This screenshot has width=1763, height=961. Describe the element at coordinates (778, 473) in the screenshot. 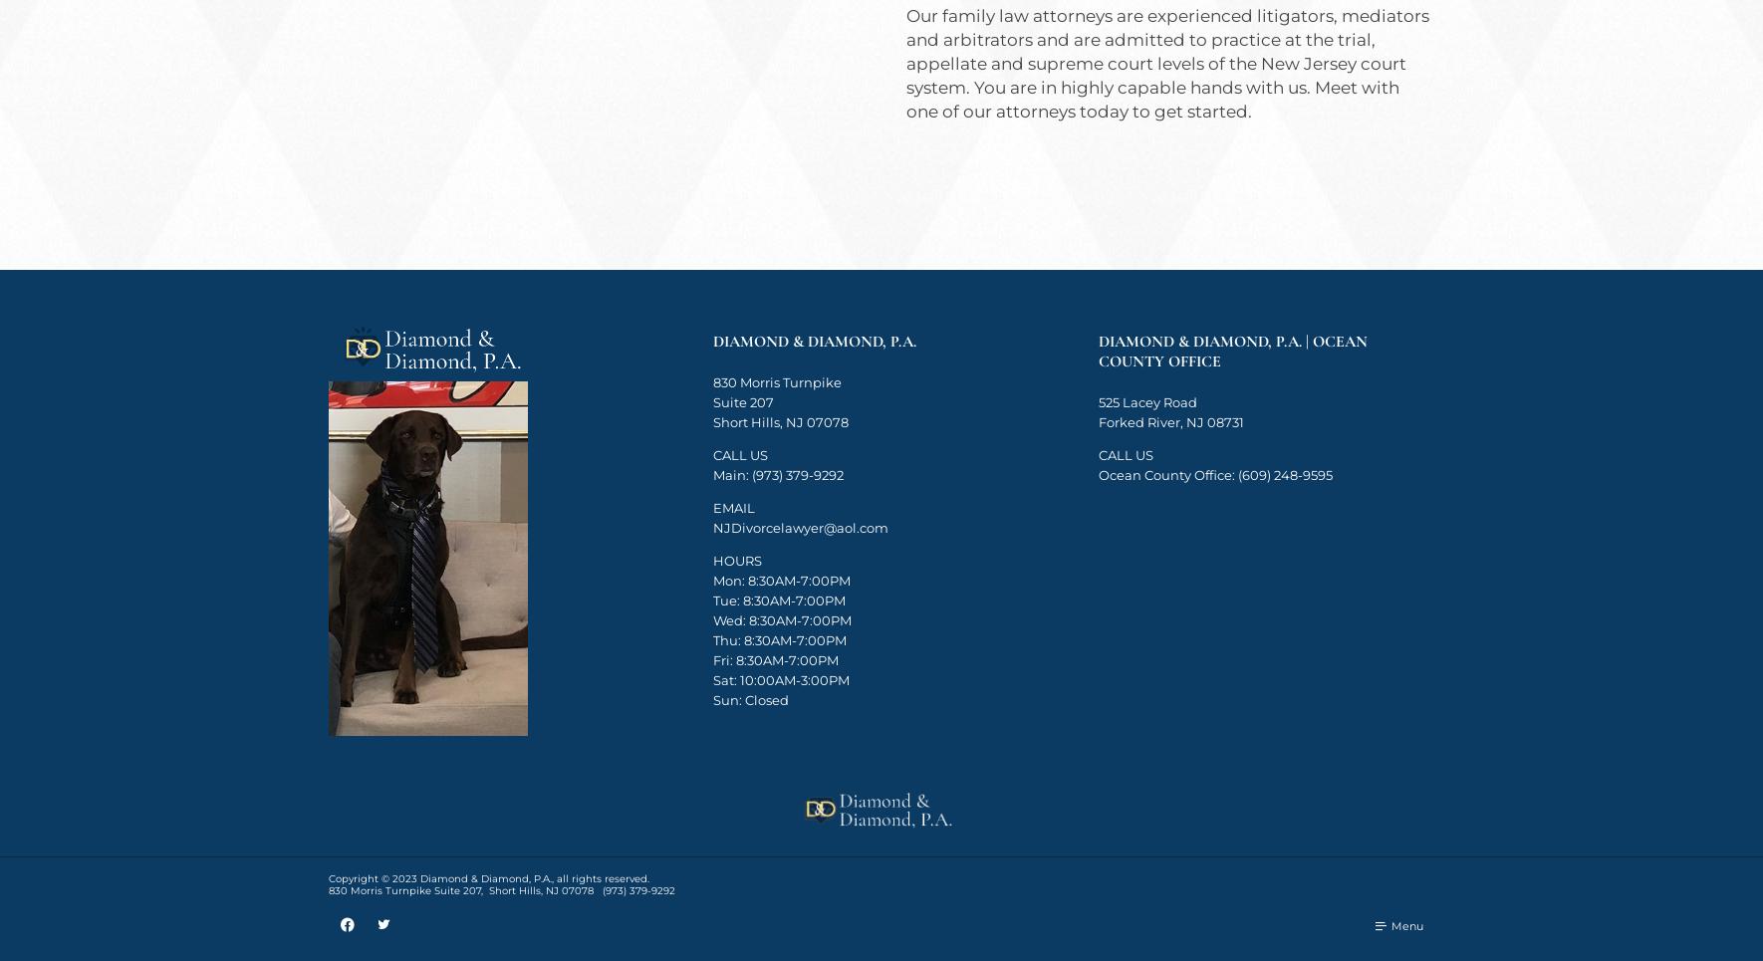

I see `'Main: (973) 379-9292'` at that location.